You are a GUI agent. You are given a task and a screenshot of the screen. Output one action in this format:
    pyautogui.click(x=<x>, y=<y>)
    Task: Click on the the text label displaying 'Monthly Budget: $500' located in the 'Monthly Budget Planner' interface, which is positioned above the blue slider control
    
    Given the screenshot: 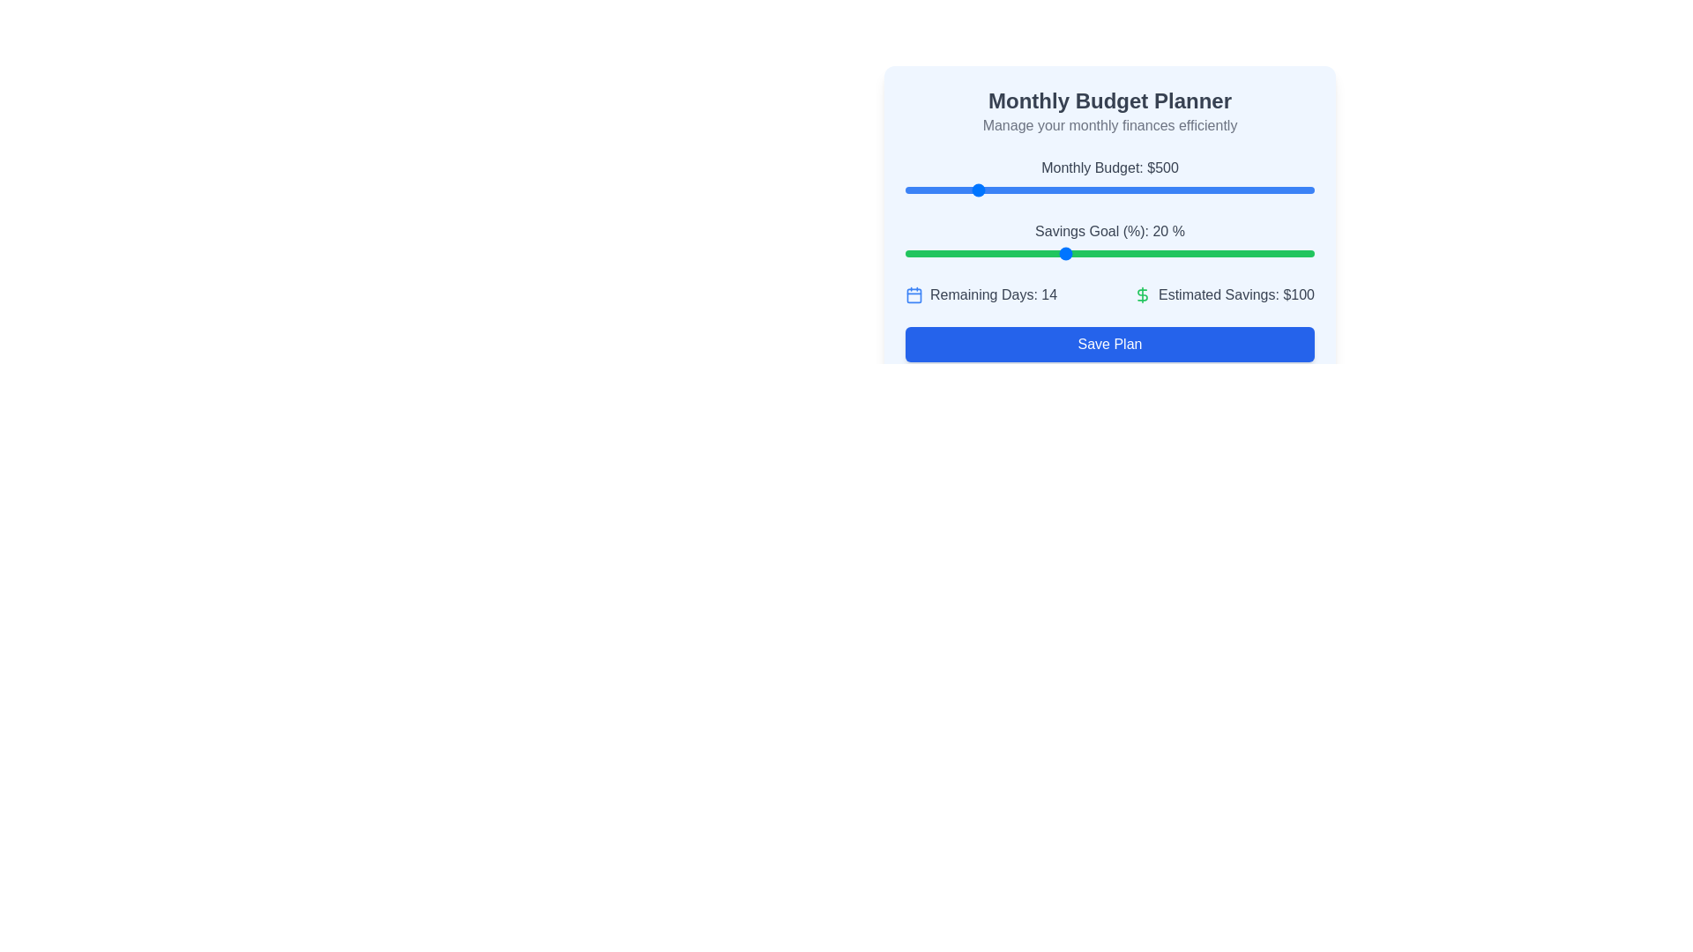 What is the action you would take?
    pyautogui.click(x=1108, y=168)
    